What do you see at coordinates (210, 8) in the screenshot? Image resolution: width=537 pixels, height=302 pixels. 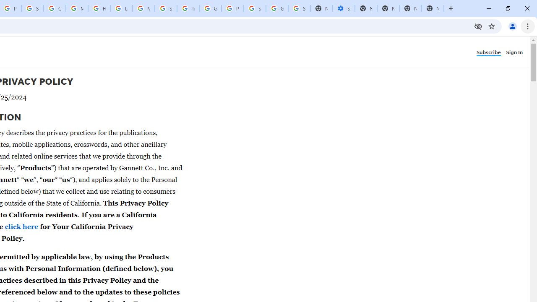 I see `'Google Ads - Sign in'` at bounding box center [210, 8].